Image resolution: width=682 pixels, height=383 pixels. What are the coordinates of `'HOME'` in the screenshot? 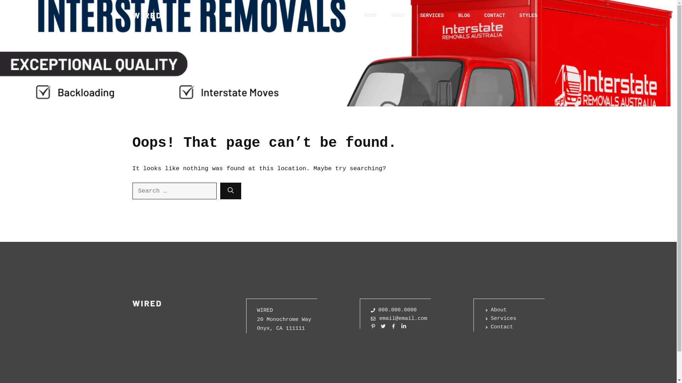 It's located at (370, 15).